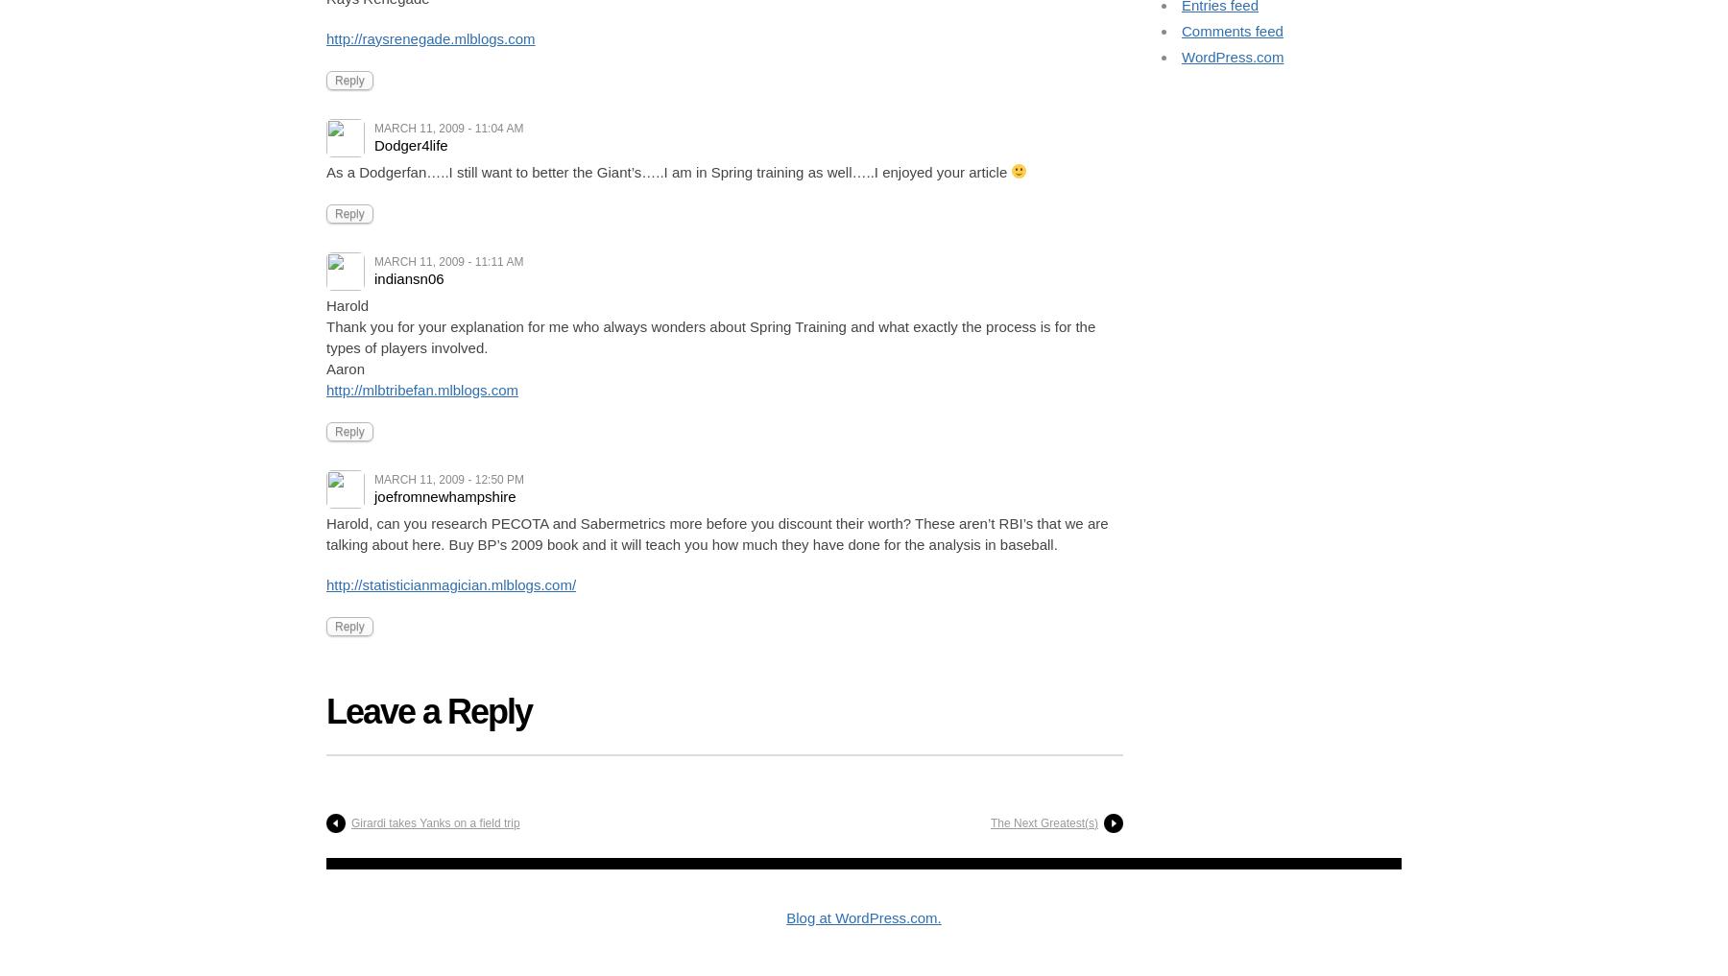 The width and height of the screenshot is (1728, 976). Describe the element at coordinates (716, 533) in the screenshot. I see `'Harold, can you research PECOTA and Sabermetrics more before you discount their worth?  These aren’t RBI’s that we are talking about here.  Buy BP’s 2009 book and it will teach you how much they have done for the analysis in baseball.'` at that location.